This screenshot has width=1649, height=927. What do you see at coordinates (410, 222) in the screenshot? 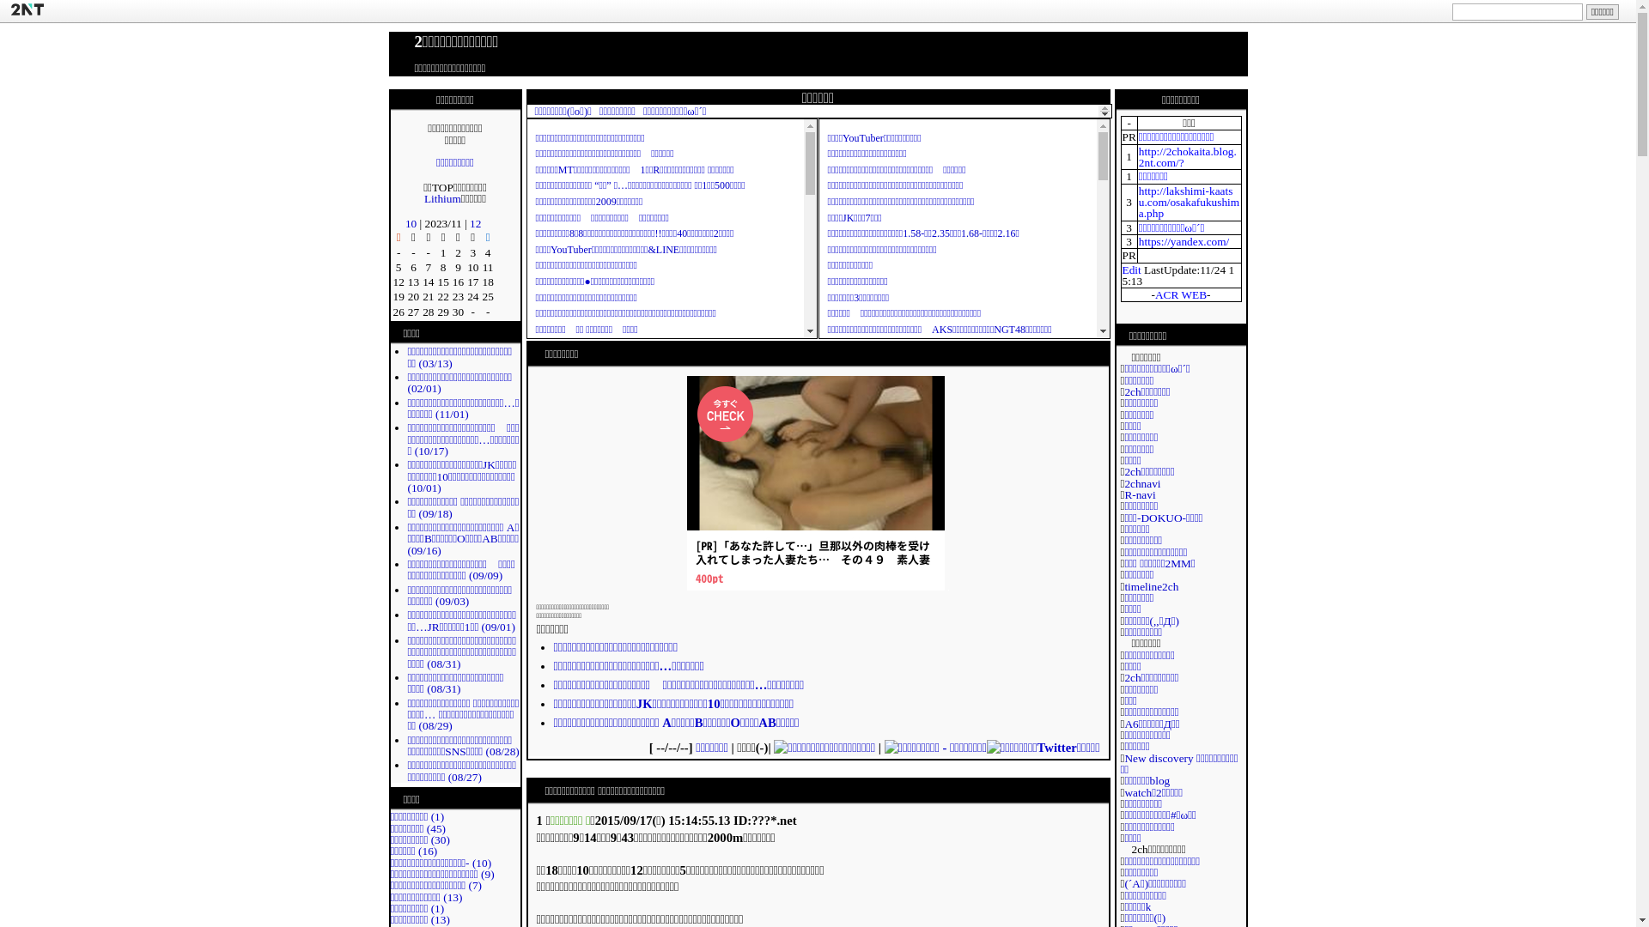
I see `'10'` at bounding box center [410, 222].